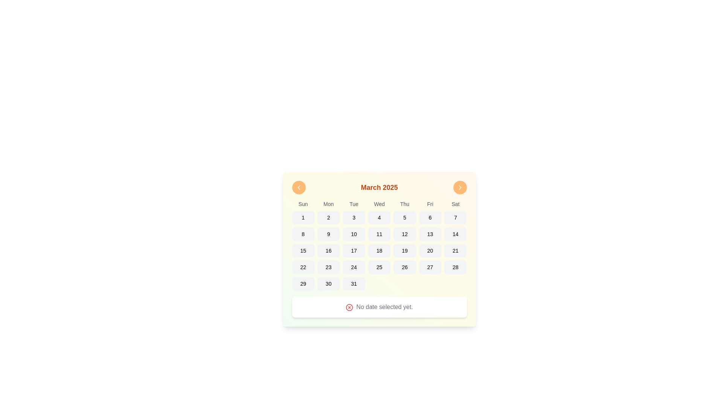 This screenshot has height=406, width=723. What do you see at coordinates (404, 217) in the screenshot?
I see `the button labeled '5' located in the calendar grid under Thursday of the first week of March 2025 for accessibility navigation` at bounding box center [404, 217].